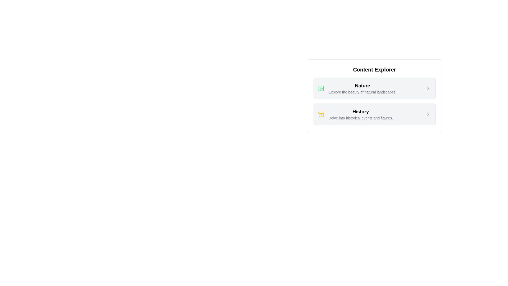  Describe the element at coordinates (362, 88) in the screenshot. I see `the text block titled 'Nature' that contains the subtitle 'Explore the beauty of natural landscapes.'` at that location.